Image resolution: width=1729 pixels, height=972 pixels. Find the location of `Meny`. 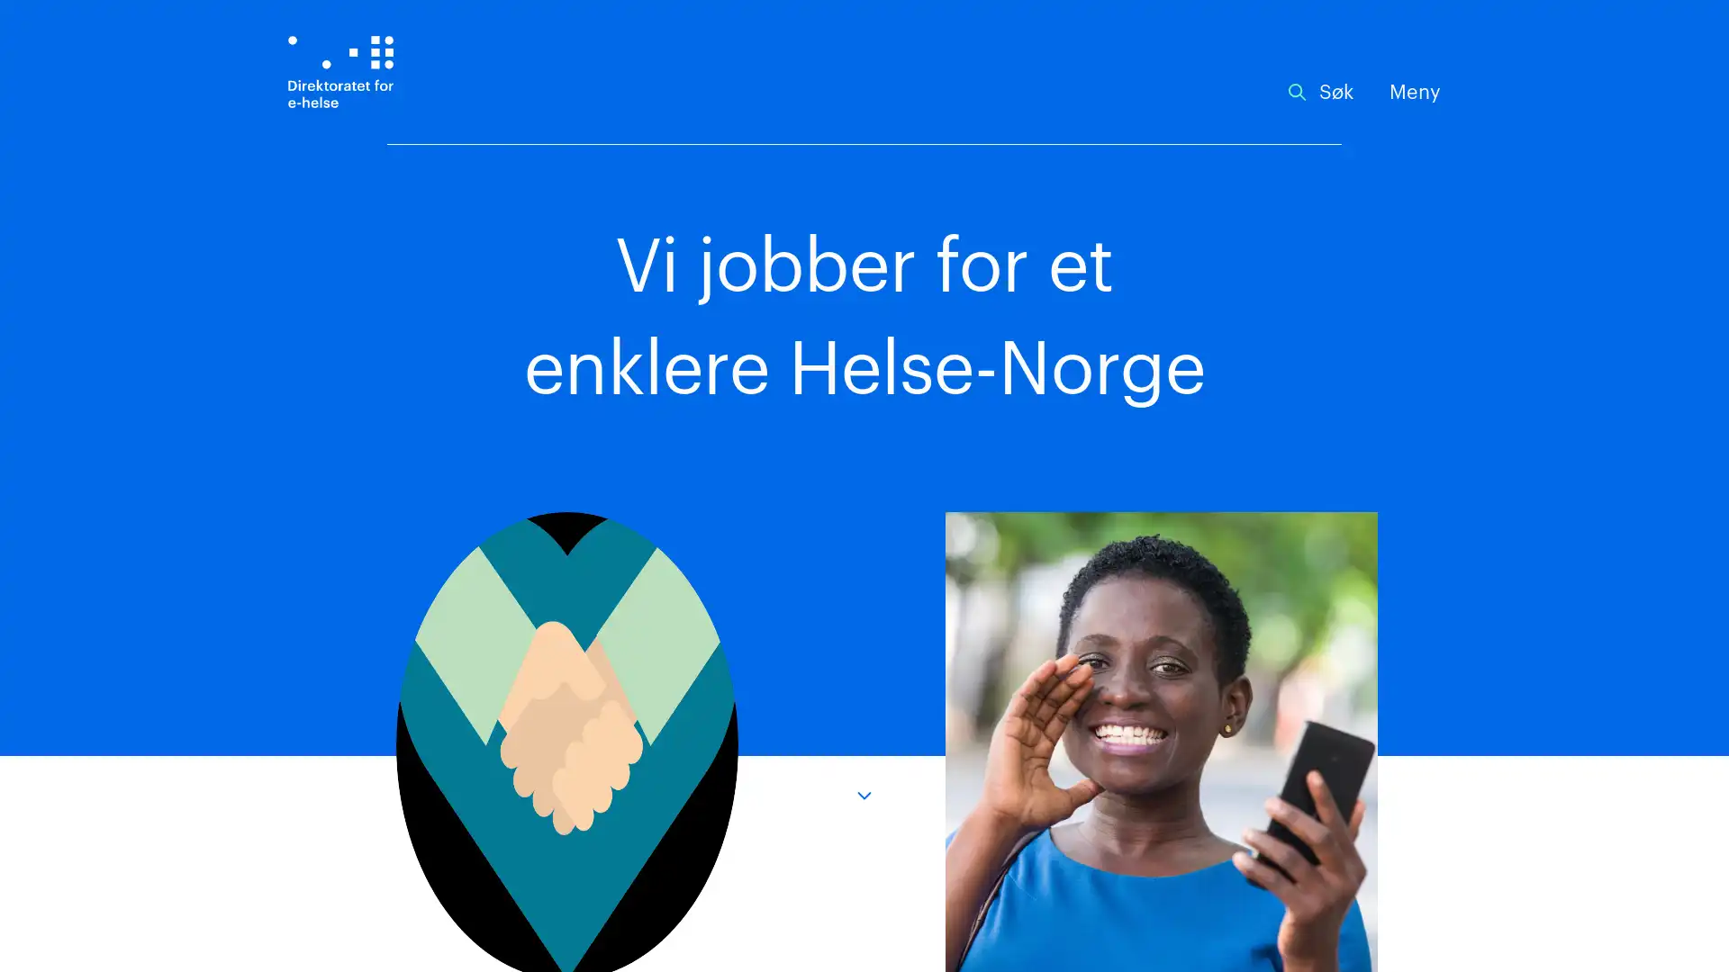

Meny is located at coordinates (1414, 93).